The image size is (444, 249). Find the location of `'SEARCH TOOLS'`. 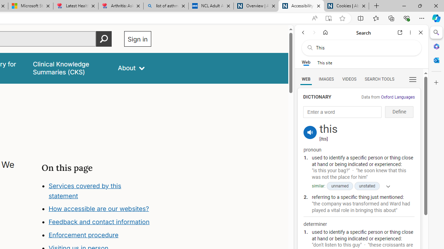

'SEARCH TOOLS' is located at coordinates (379, 79).